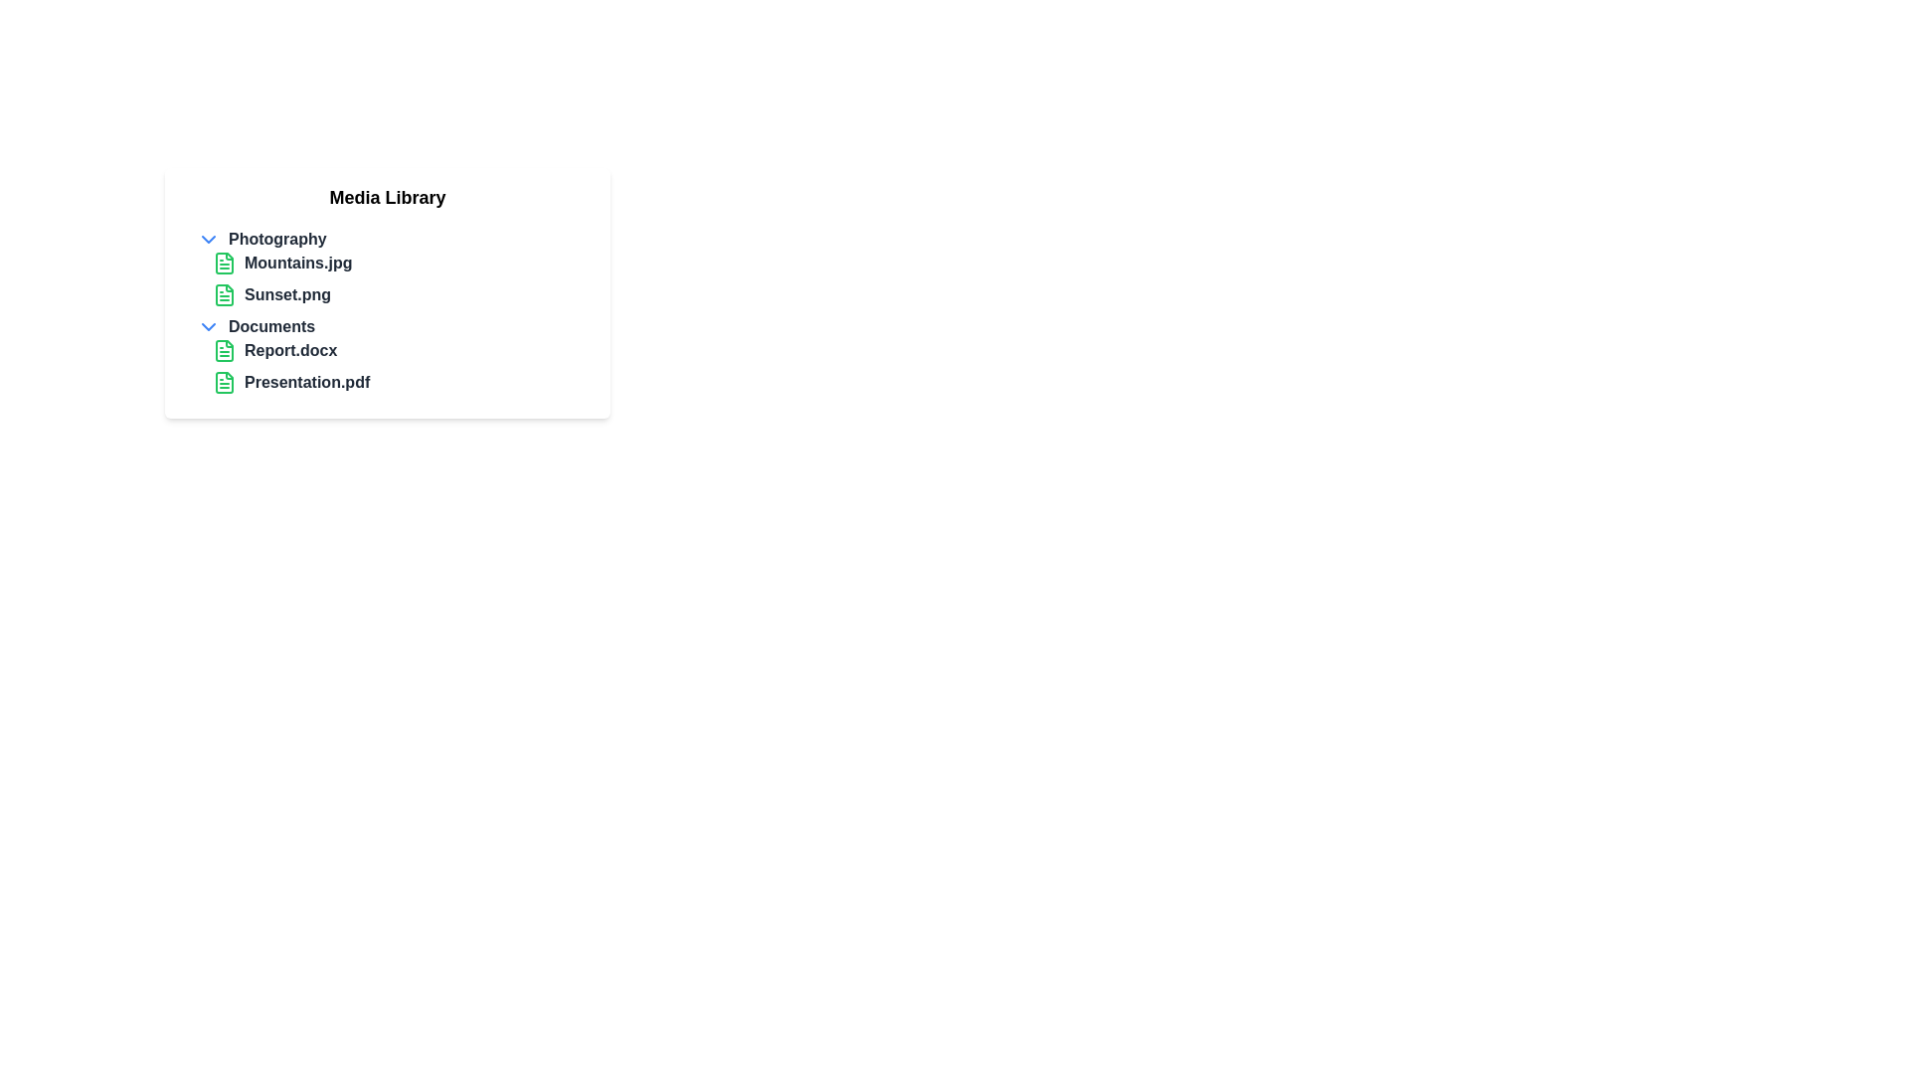 The height and width of the screenshot is (1074, 1909). What do you see at coordinates (209, 238) in the screenshot?
I see `the chevron-down icon with a blue outline located to the left of the 'Photography' label` at bounding box center [209, 238].